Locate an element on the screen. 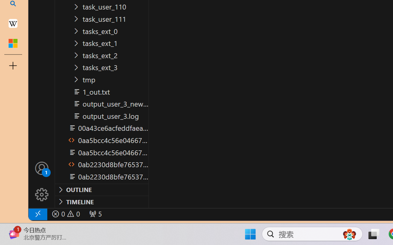  'No Problems' is located at coordinates (65, 214).